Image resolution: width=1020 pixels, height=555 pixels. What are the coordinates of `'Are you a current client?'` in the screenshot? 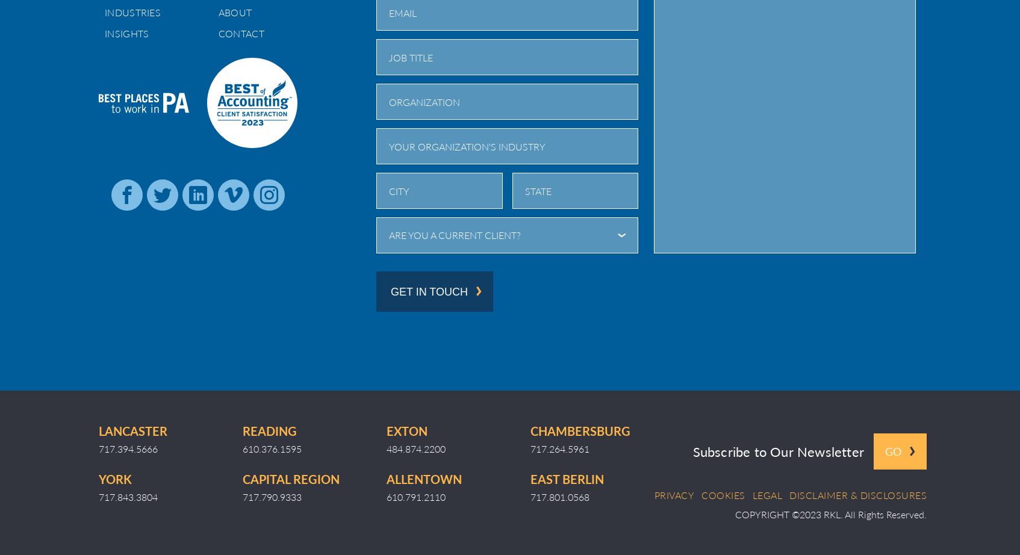 It's located at (454, 234).